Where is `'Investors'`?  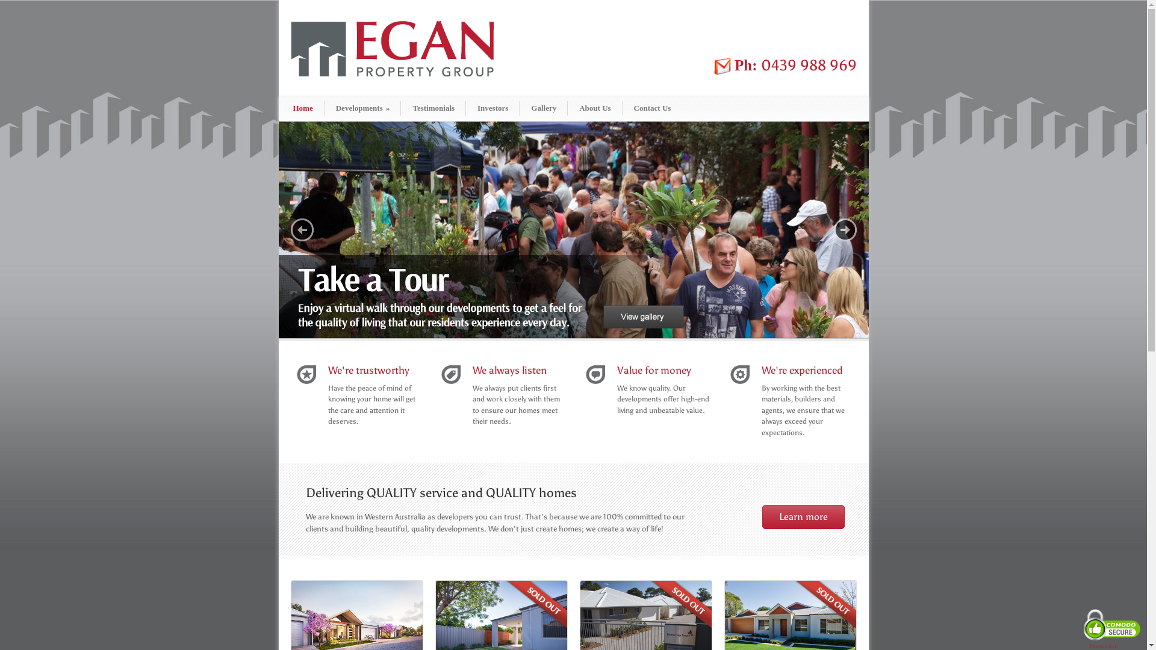 'Investors' is located at coordinates (493, 108).